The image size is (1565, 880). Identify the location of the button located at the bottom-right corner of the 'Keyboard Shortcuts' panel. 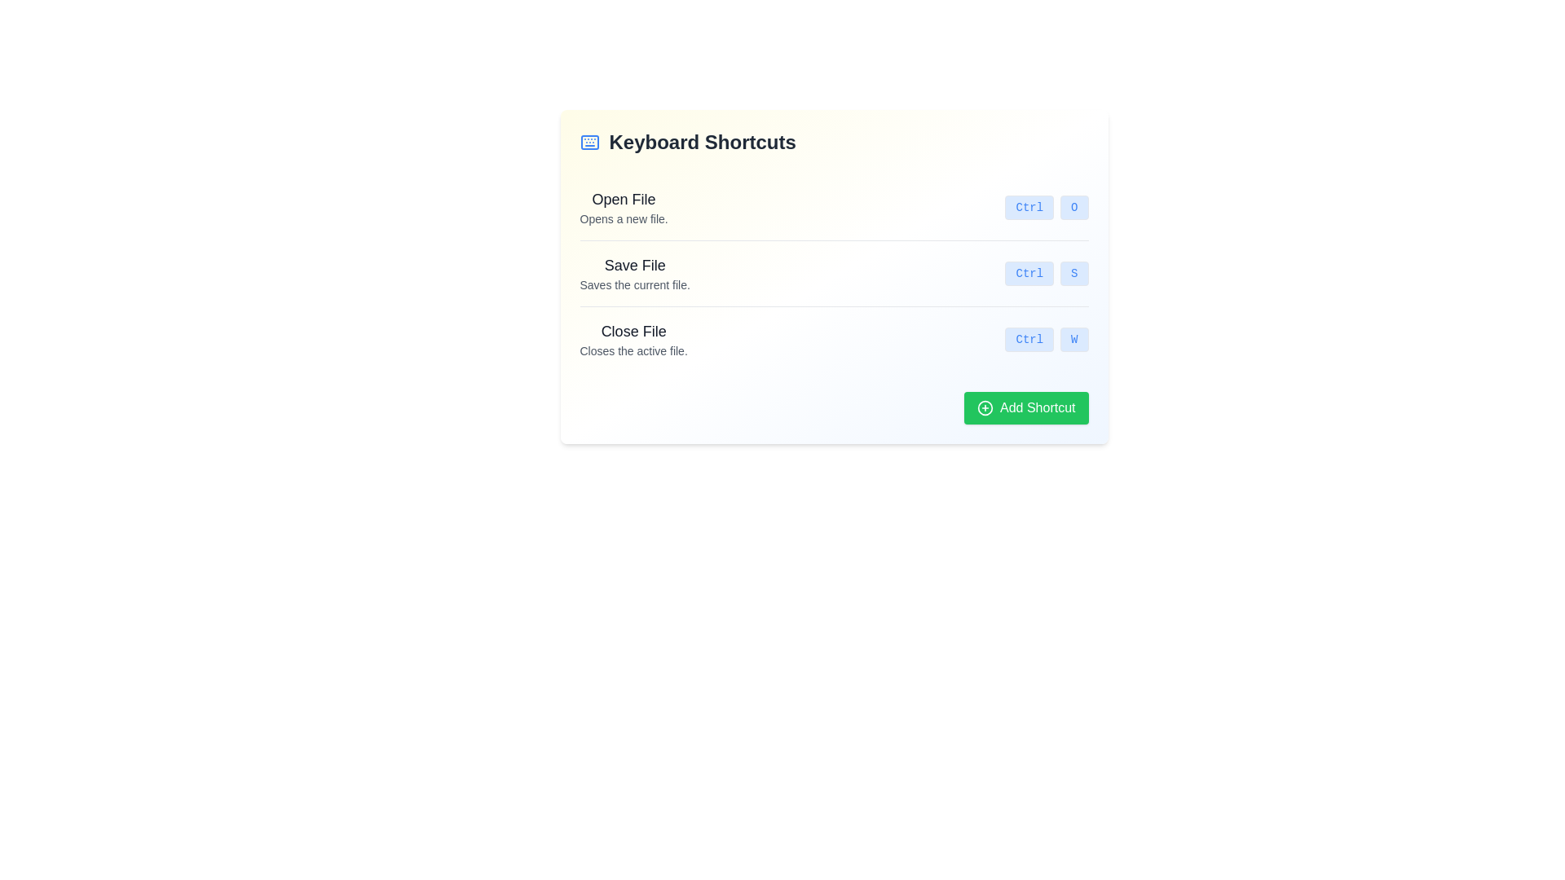
(834, 407).